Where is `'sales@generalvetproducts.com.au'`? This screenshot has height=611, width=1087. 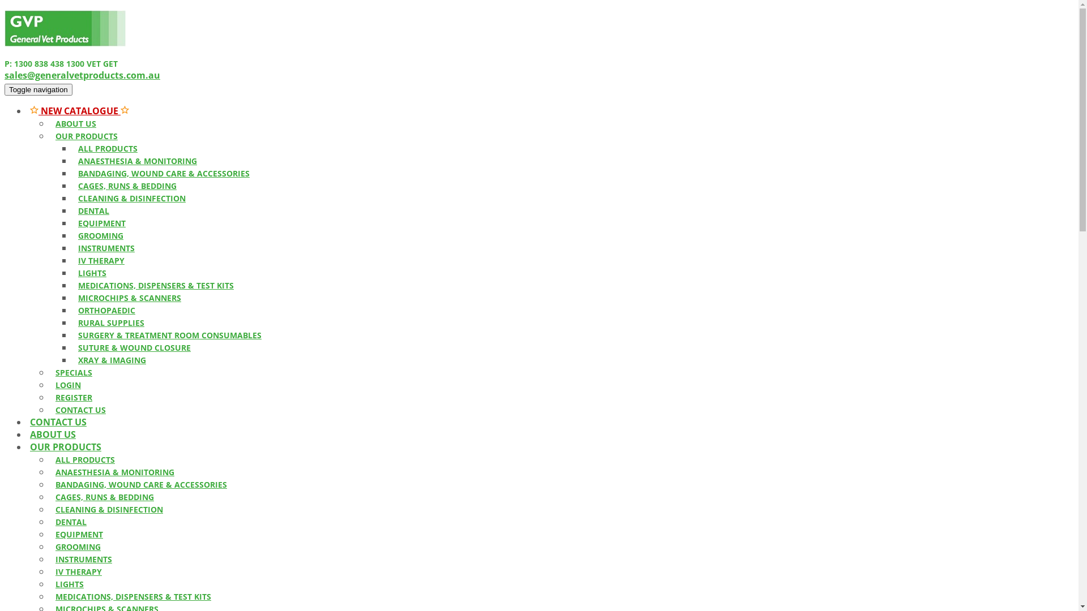 'sales@generalvetproducts.com.au' is located at coordinates (82, 75).